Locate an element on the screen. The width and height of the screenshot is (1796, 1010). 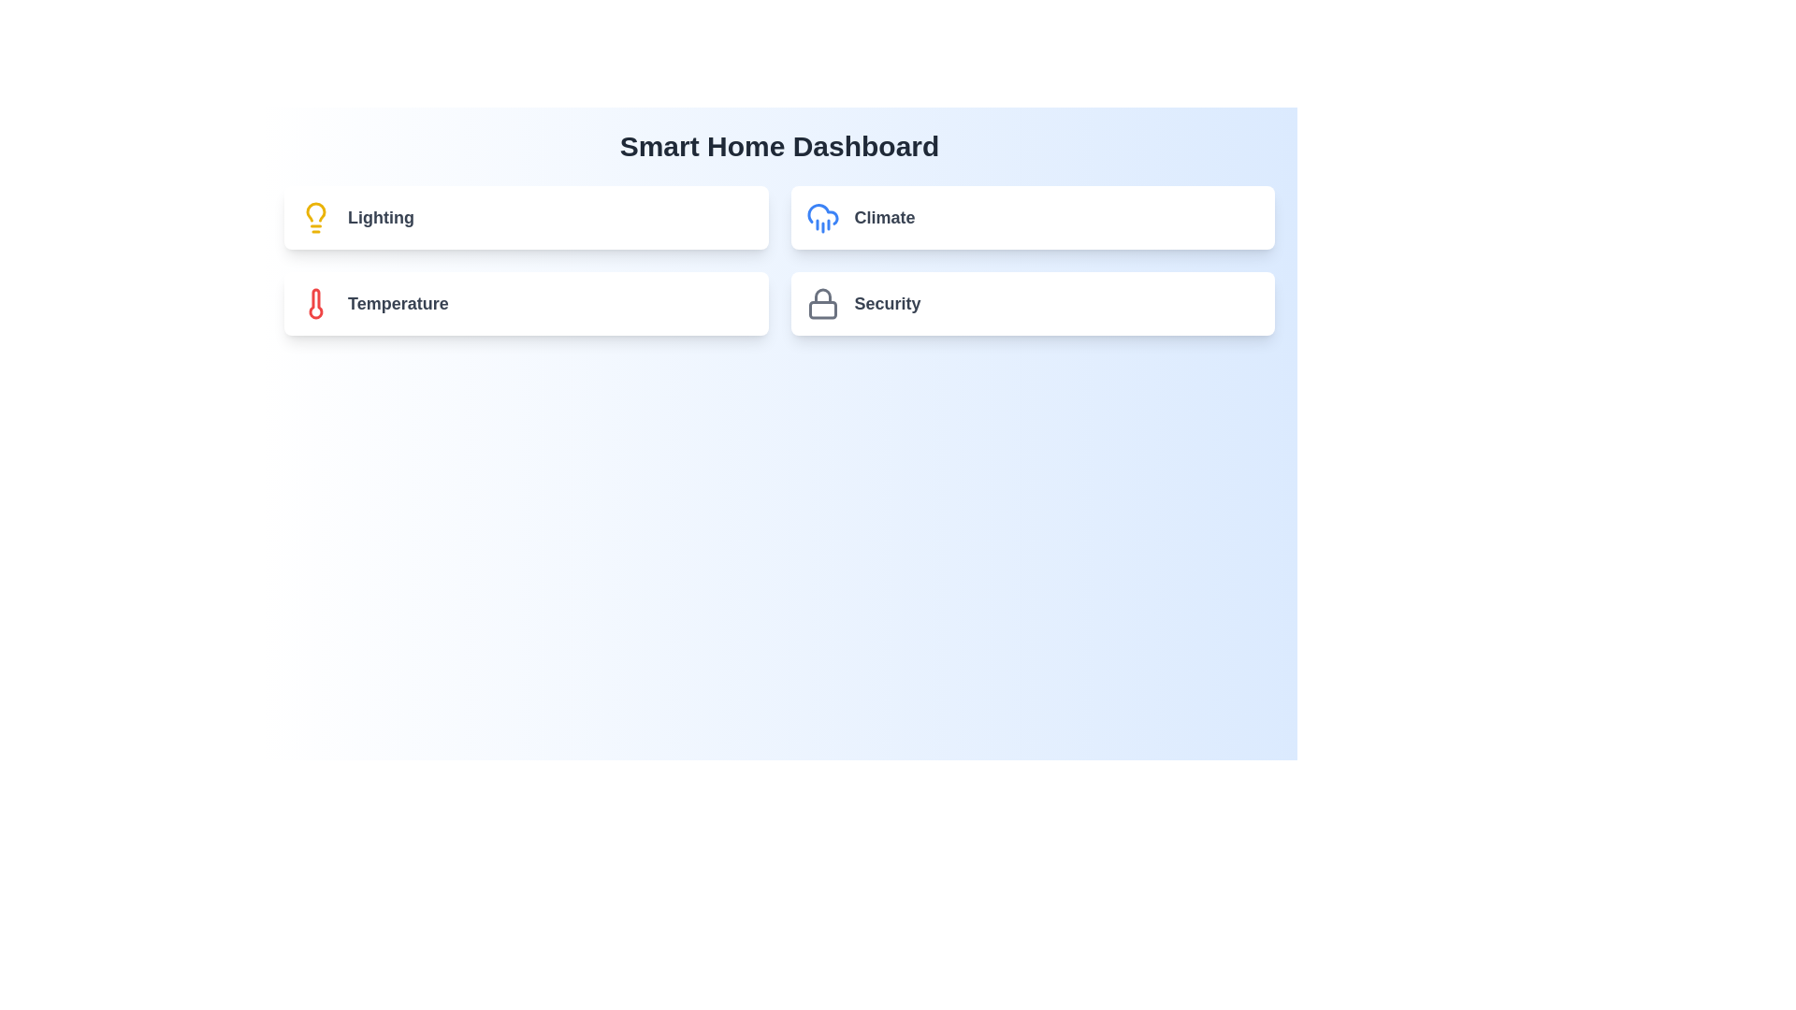
the Card element displaying a red thermometer icon and the label 'Temperature', which is located in the third position of a grid layout is located at coordinates (525, 302).